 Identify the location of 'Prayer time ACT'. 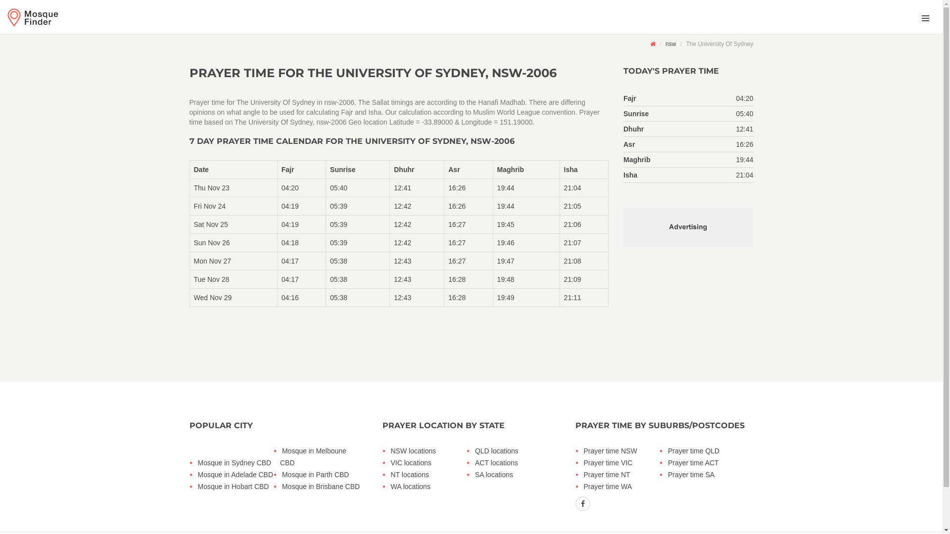
(665, 463).